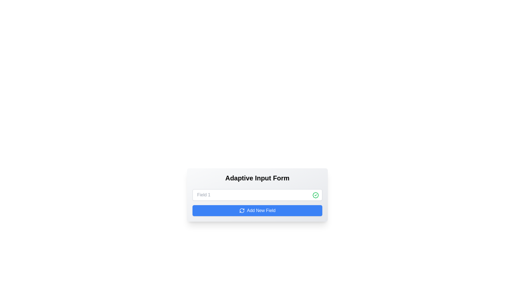 This screenshot has height=297, width=528. Describe the element at coordinates (257, 210) in the screenshot. I see `the blue button labeled 'Add New Field'` at that location.